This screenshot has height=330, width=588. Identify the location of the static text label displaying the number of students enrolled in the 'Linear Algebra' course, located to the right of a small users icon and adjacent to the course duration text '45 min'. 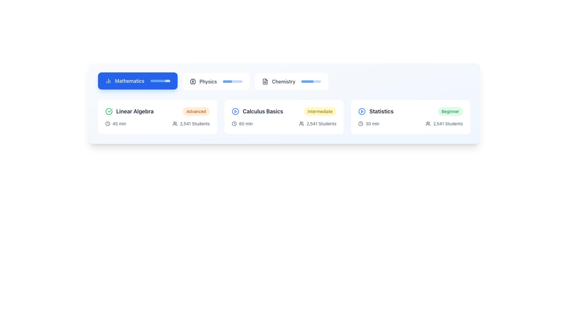
(194, 124).